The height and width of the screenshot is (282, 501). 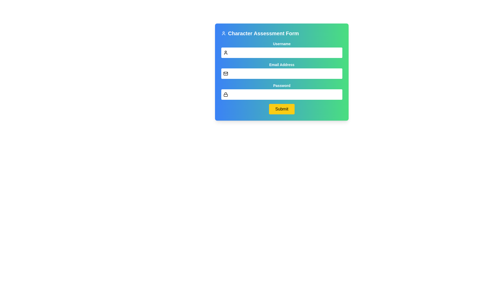 I want to click on the user icon SVG, which is located to the left of the username input field, characterized by a circle representing a head and a semi-circle for shoulders, so click(x=225, y=52).